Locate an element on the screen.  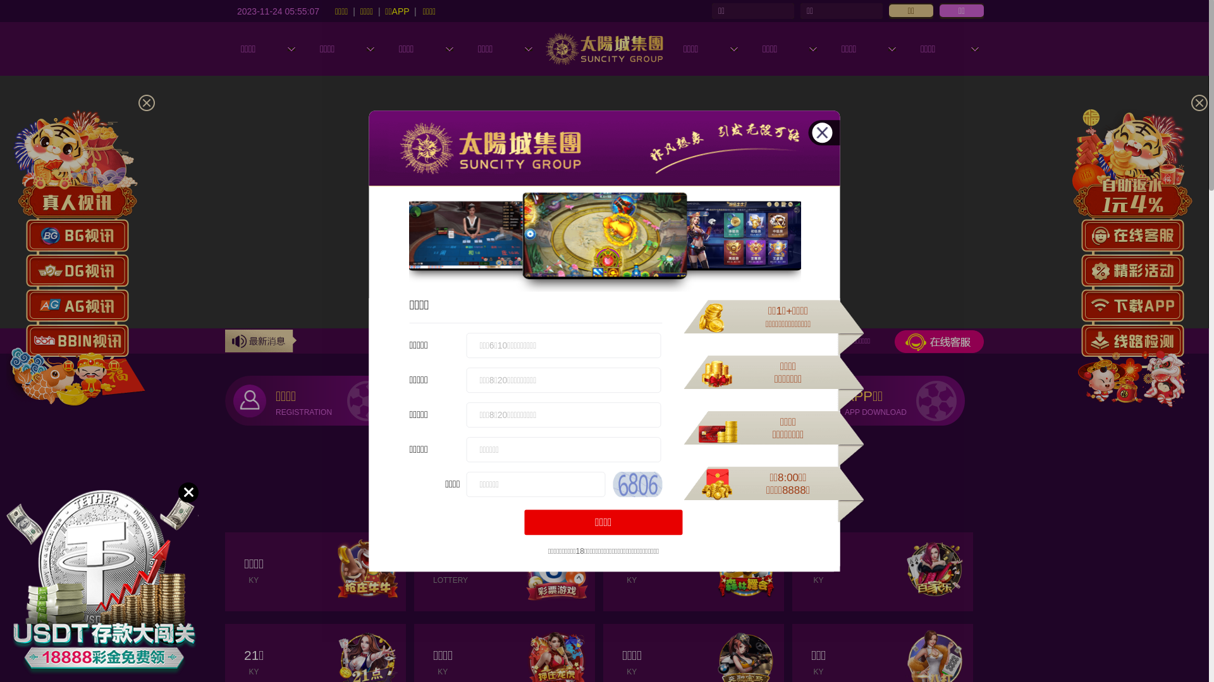
'2023-11-24 05:55:04' is located at coordinates (278, 10).